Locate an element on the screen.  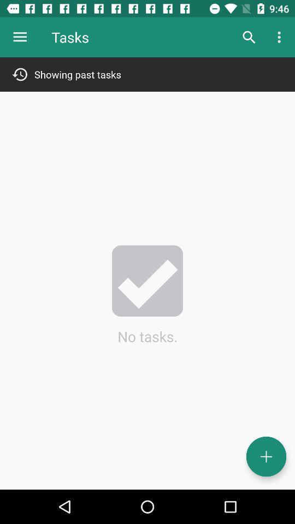
the icon at the bottom right corner is located at coordinates (265, 456).